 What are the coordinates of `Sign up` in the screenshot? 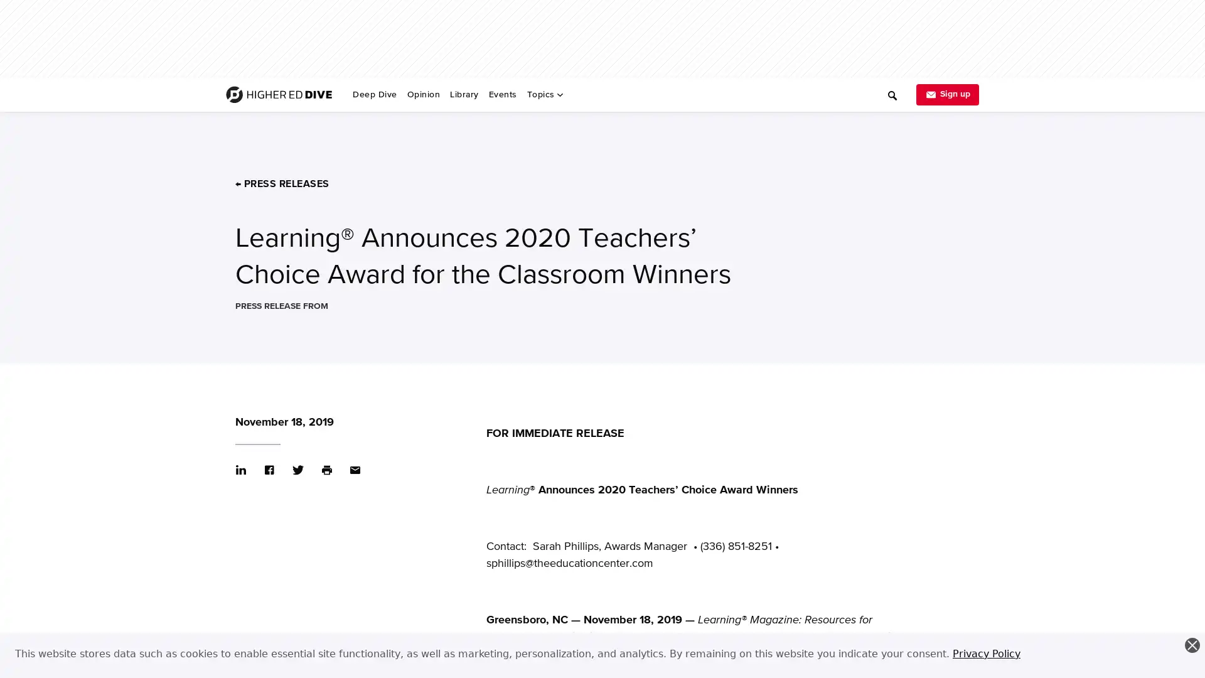 It's located at (948, 94).